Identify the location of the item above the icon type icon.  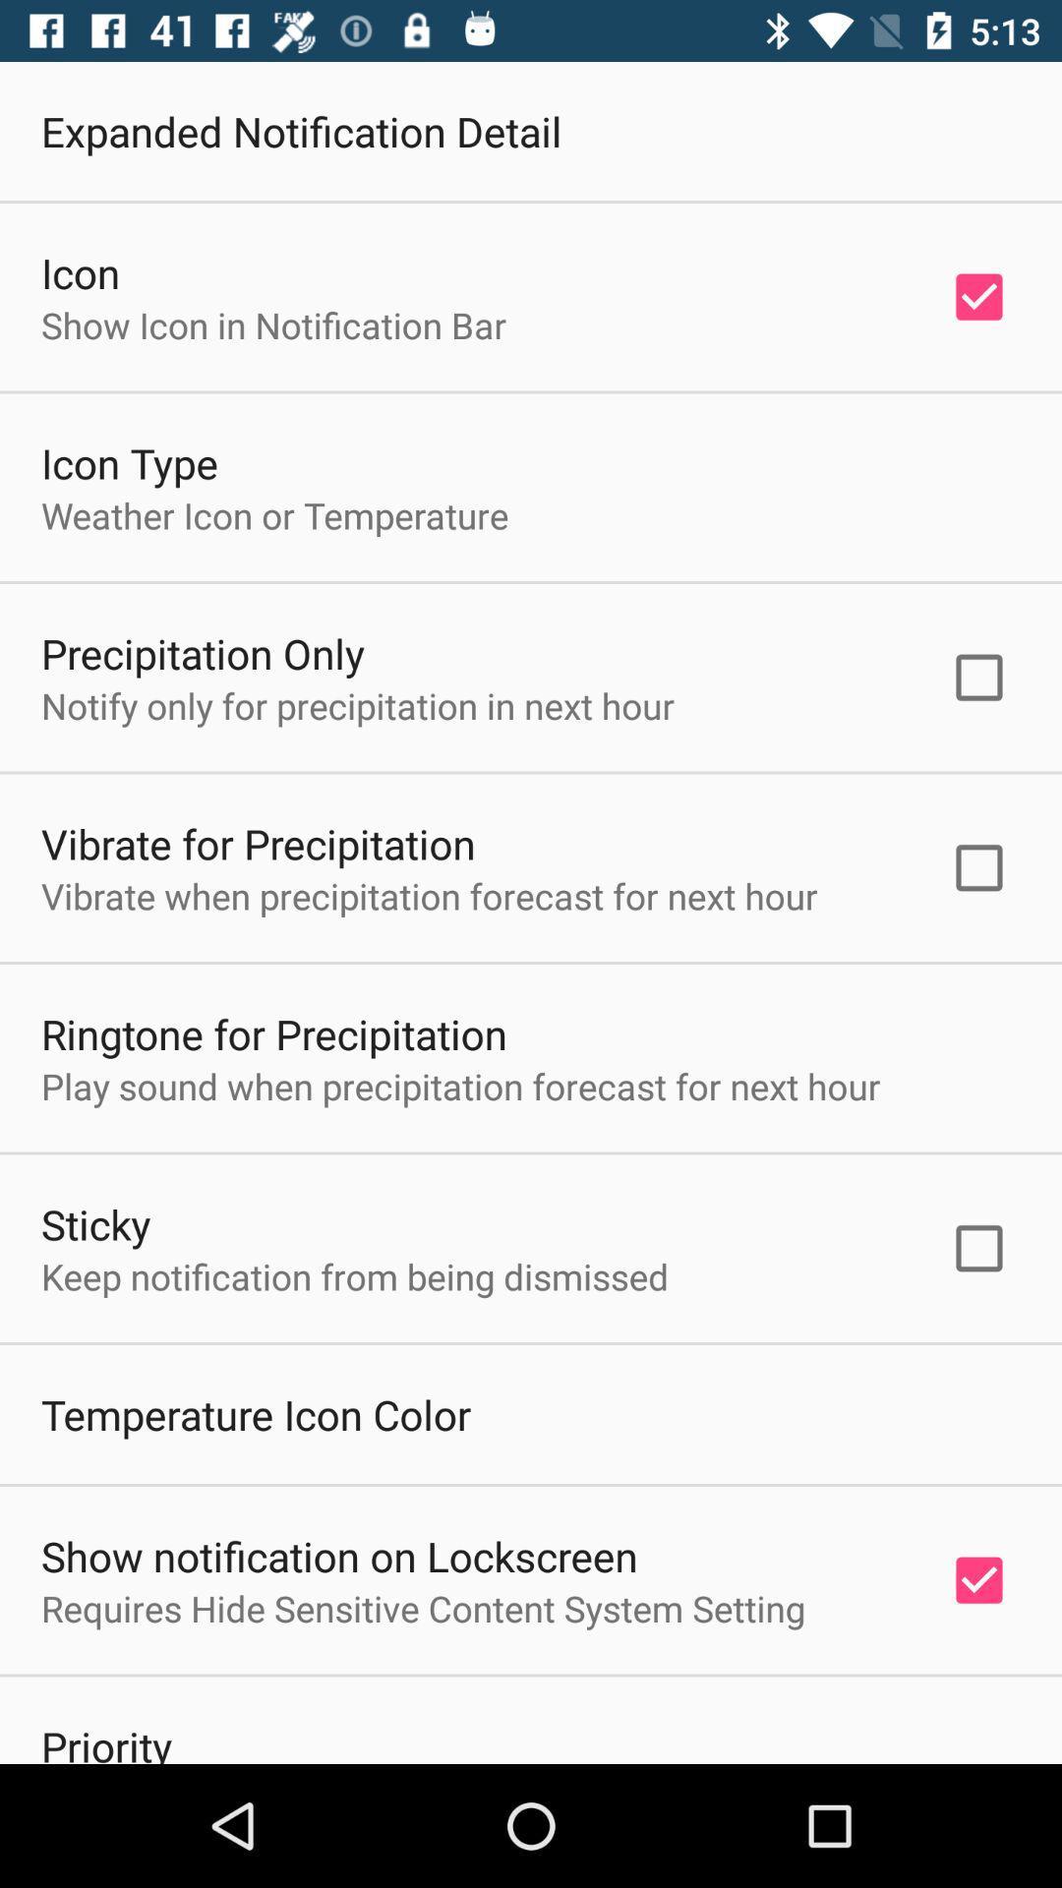
(273, 324).